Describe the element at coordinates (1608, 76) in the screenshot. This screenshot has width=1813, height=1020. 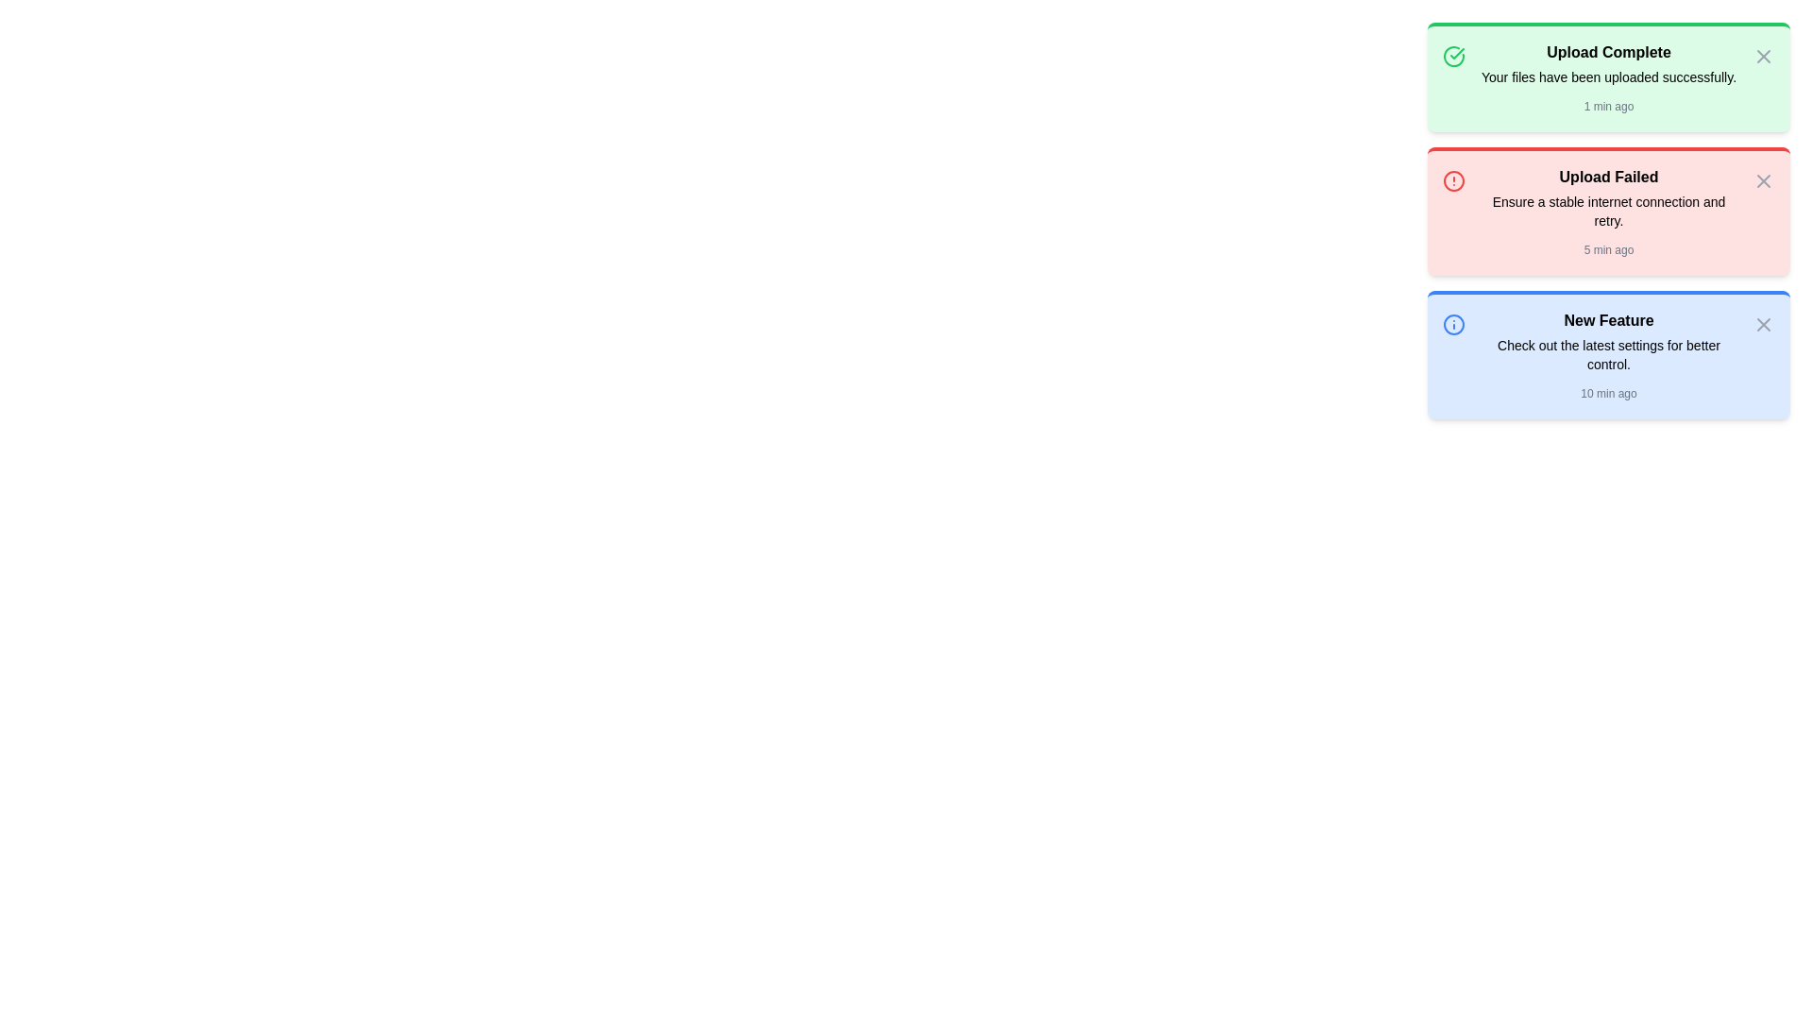
I see `the static text displaying 'Your files have been uploaded successfully.' which is located within the green notification card under the header 'Upload Complete'` at that location.